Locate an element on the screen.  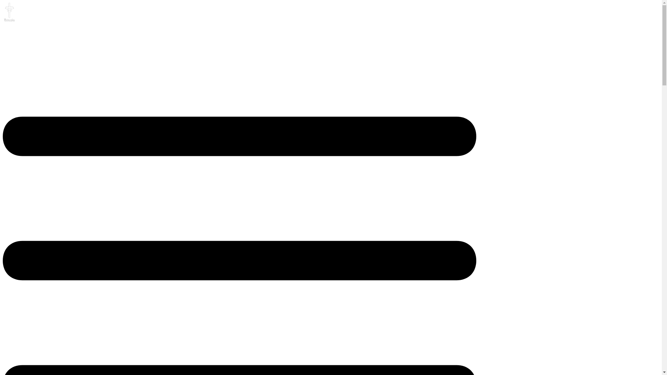
'evania-logo' is located at coordinates (9, 12).